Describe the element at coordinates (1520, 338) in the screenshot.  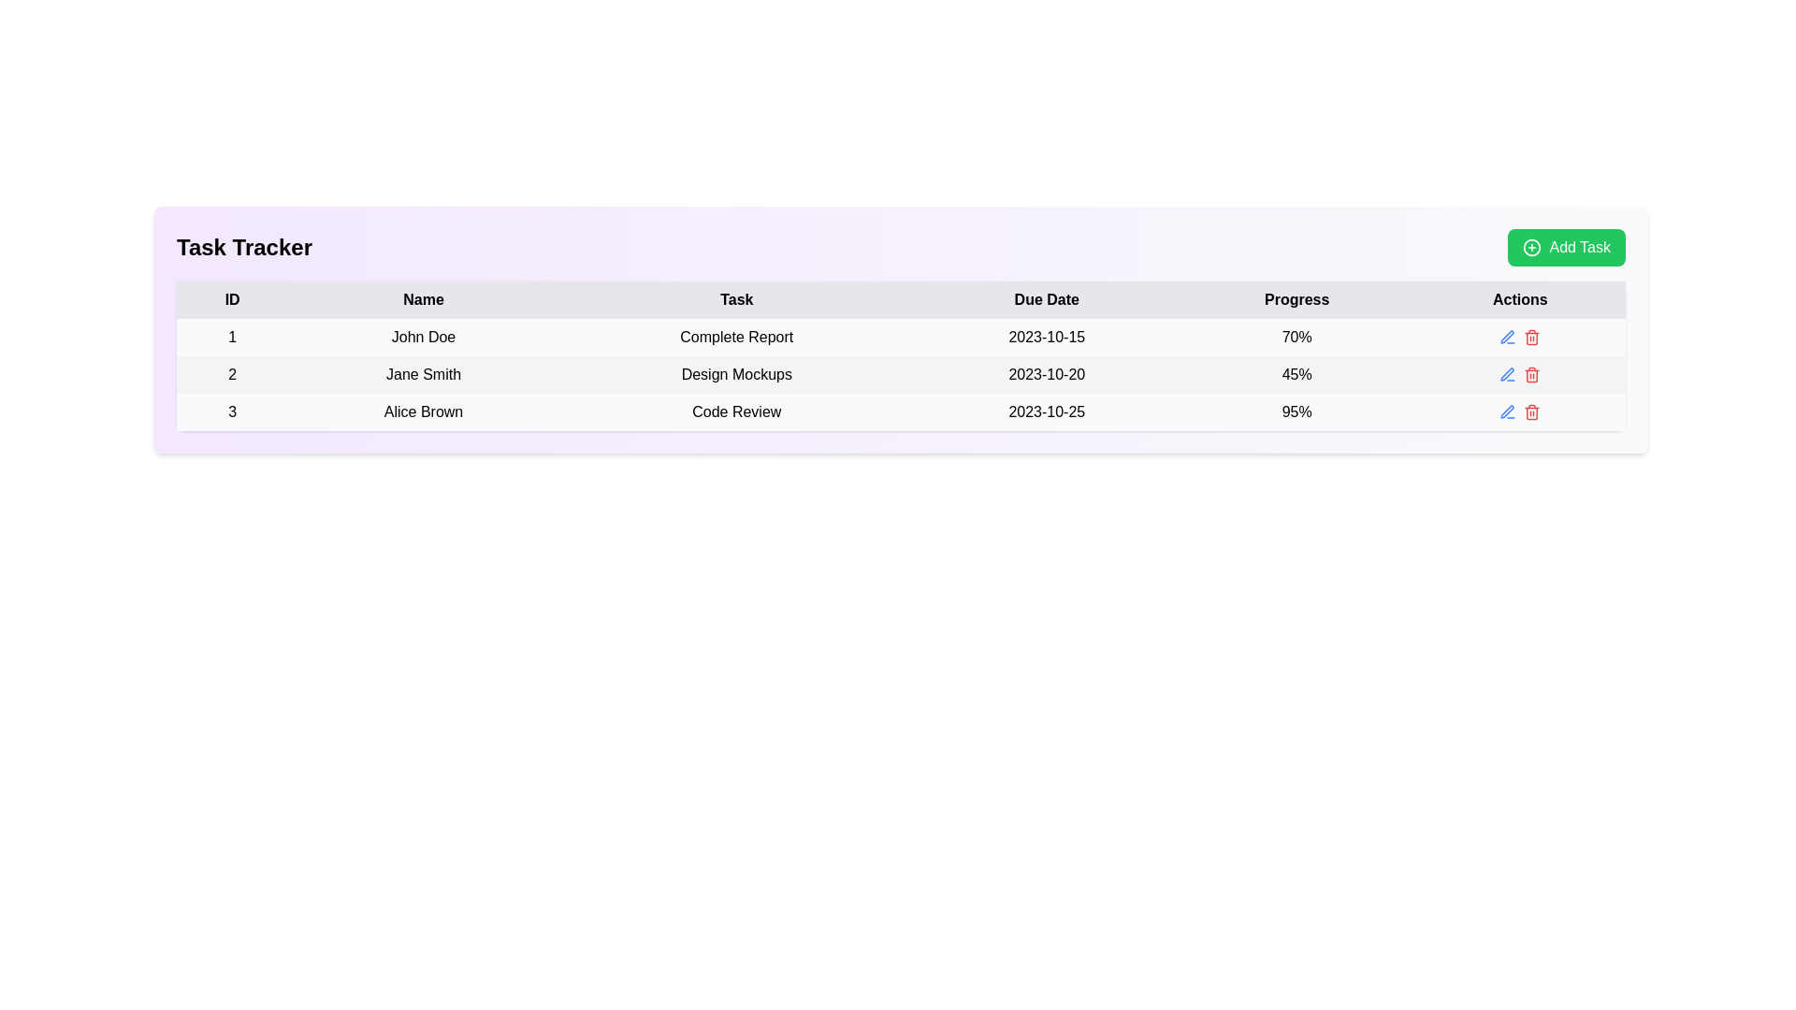
I see `the edit icon located at the far right of the first row in the table under the 'Actions' column` at that location.